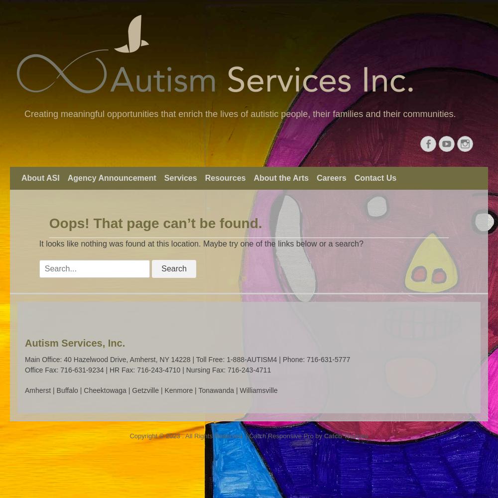  What do you see at coordinates (345, 436) in the screenshot?
I see `'Catch Themes'` at bounding box center [345, 436].